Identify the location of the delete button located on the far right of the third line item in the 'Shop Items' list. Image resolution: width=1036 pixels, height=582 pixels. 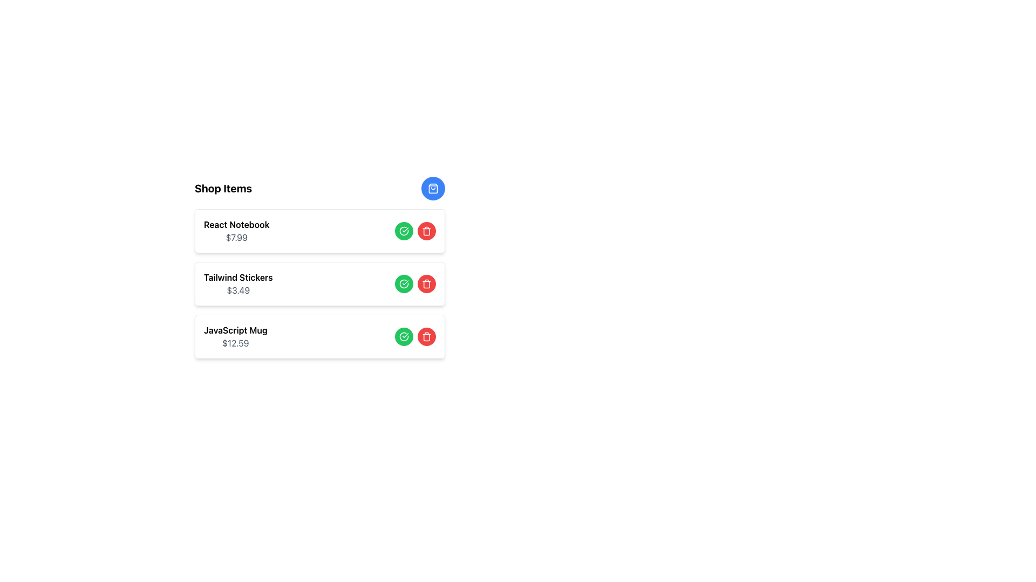
(426, 283).